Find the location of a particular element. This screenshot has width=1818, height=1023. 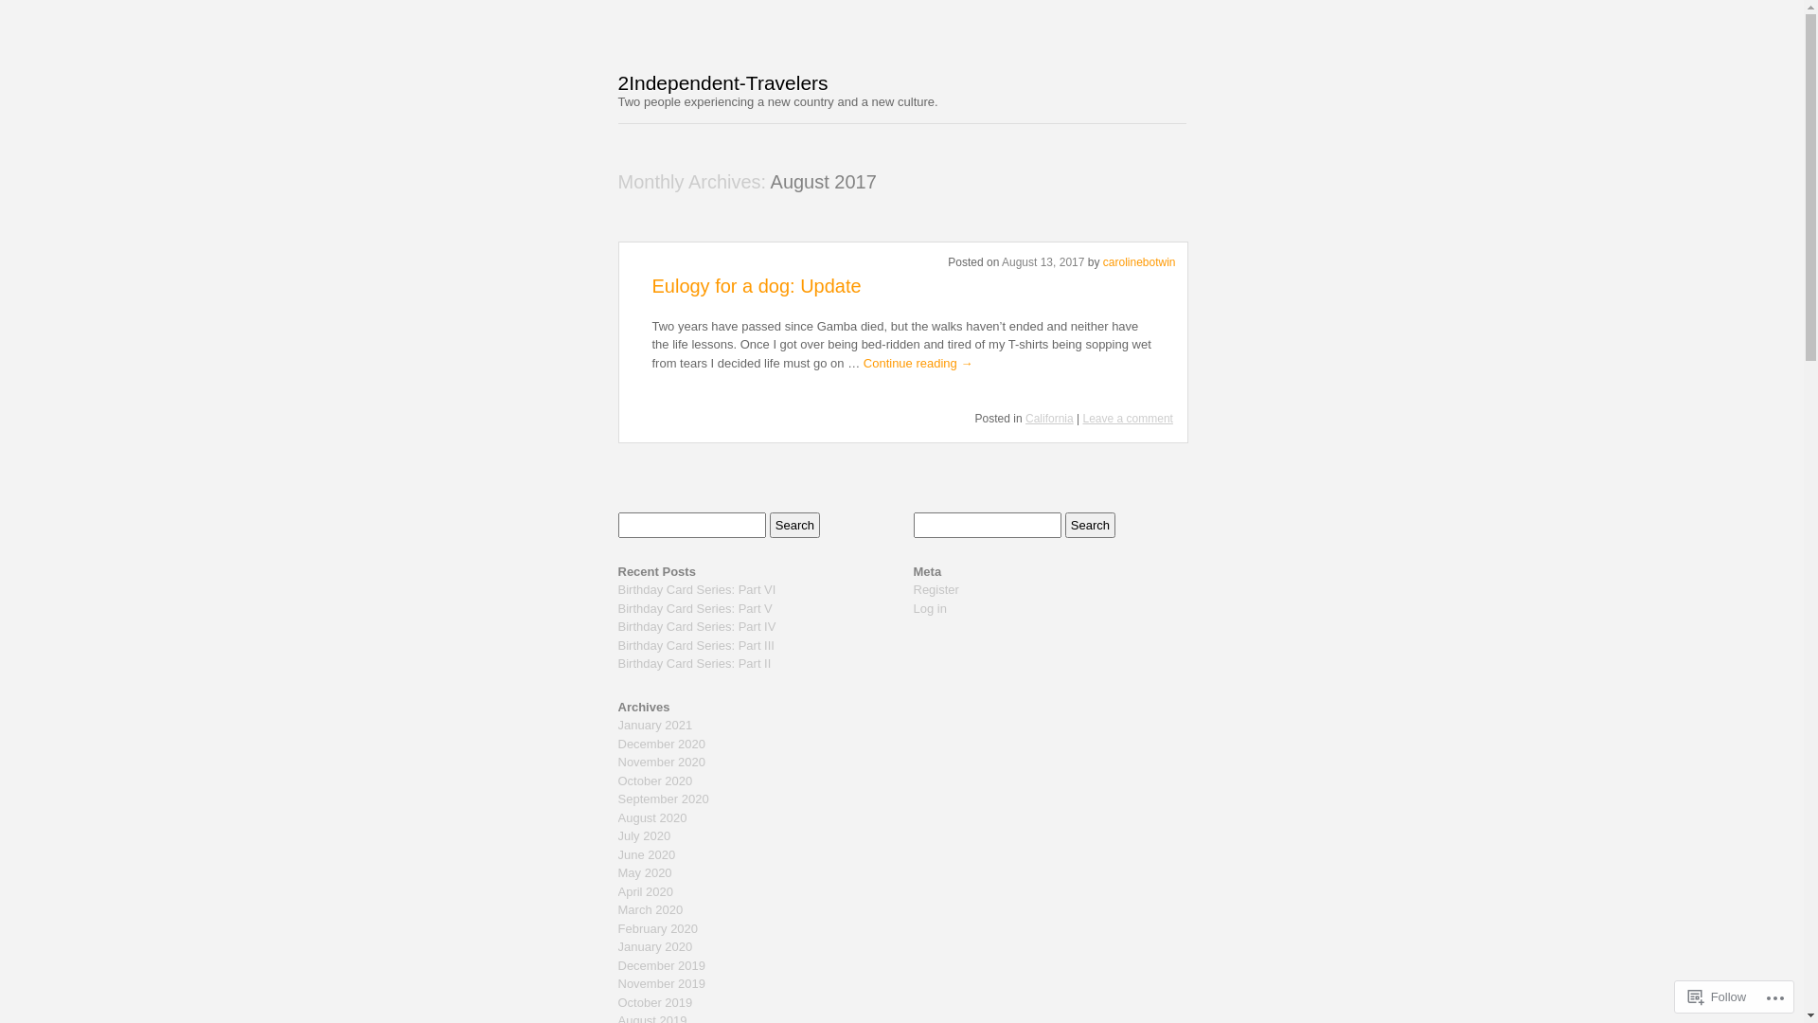

'March 2020' is located at coordinates (650, 908).